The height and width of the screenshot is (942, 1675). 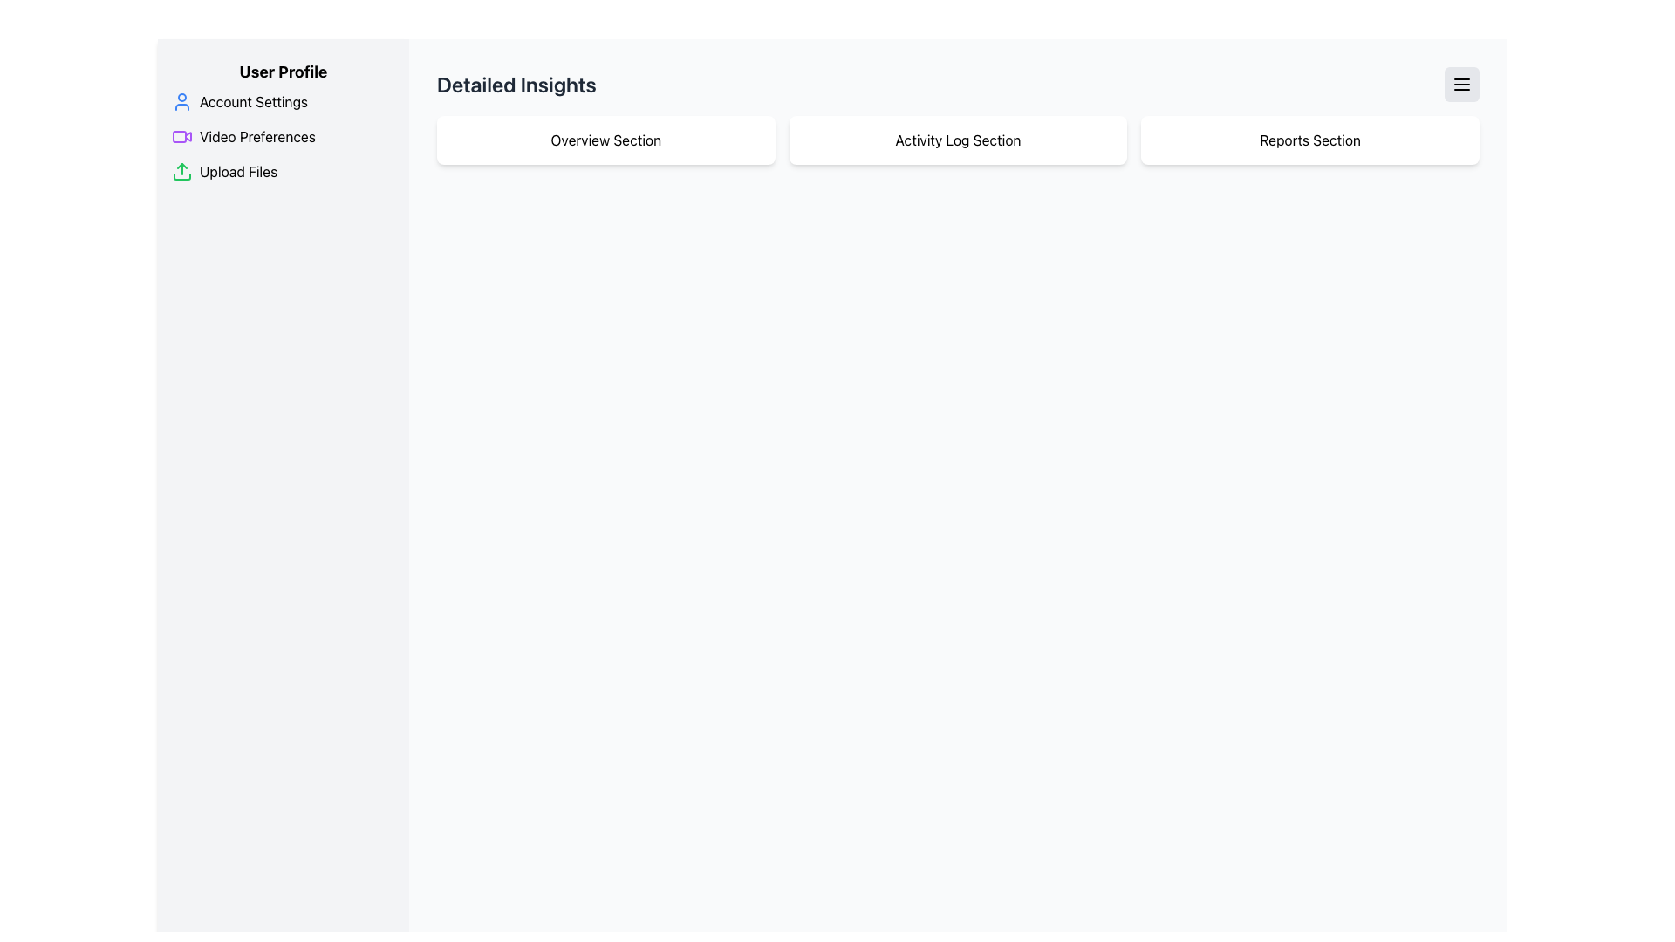 What do you see at coordinates (182, 171) in the screenshot?
I see `the upload icon, which is a green upward arrow originating from an open box, located to the left of the 'Upload Files' text in the left-side navigation options` at bounding box center [182, 171].